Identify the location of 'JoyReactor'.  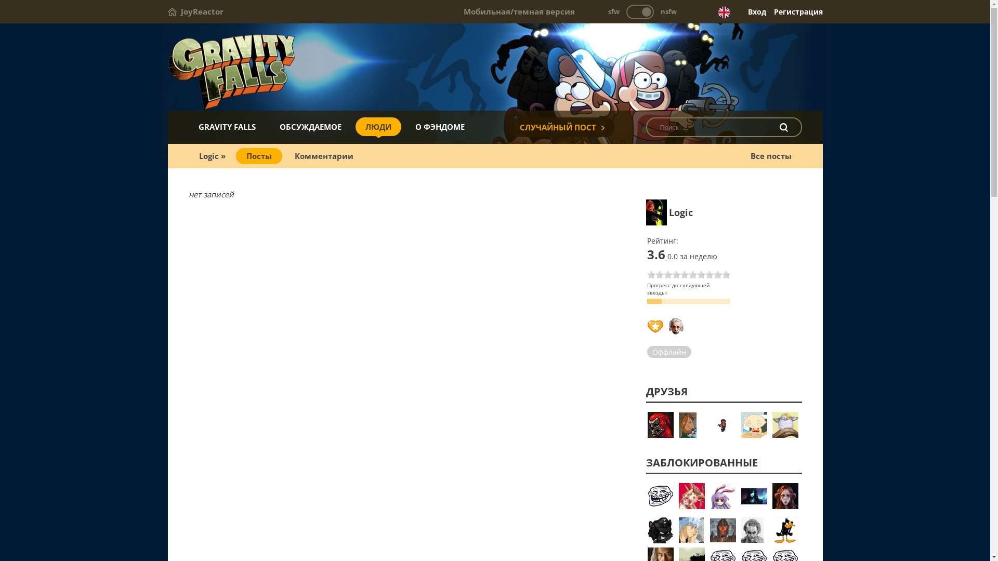
(195, 11).